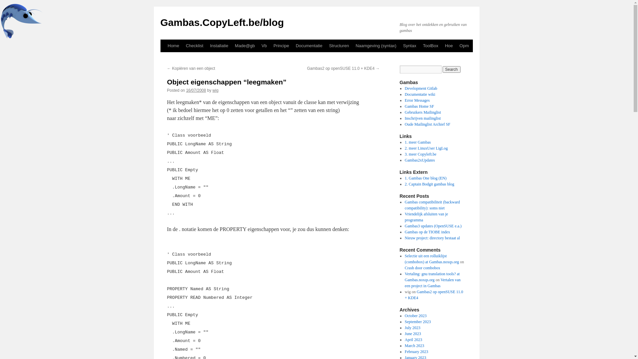 This screenshot has height=359, width=638. What do you see at coordinates (264, 46) in the screenshot?
I see `'Vb'` at bounding box center [264, 46].